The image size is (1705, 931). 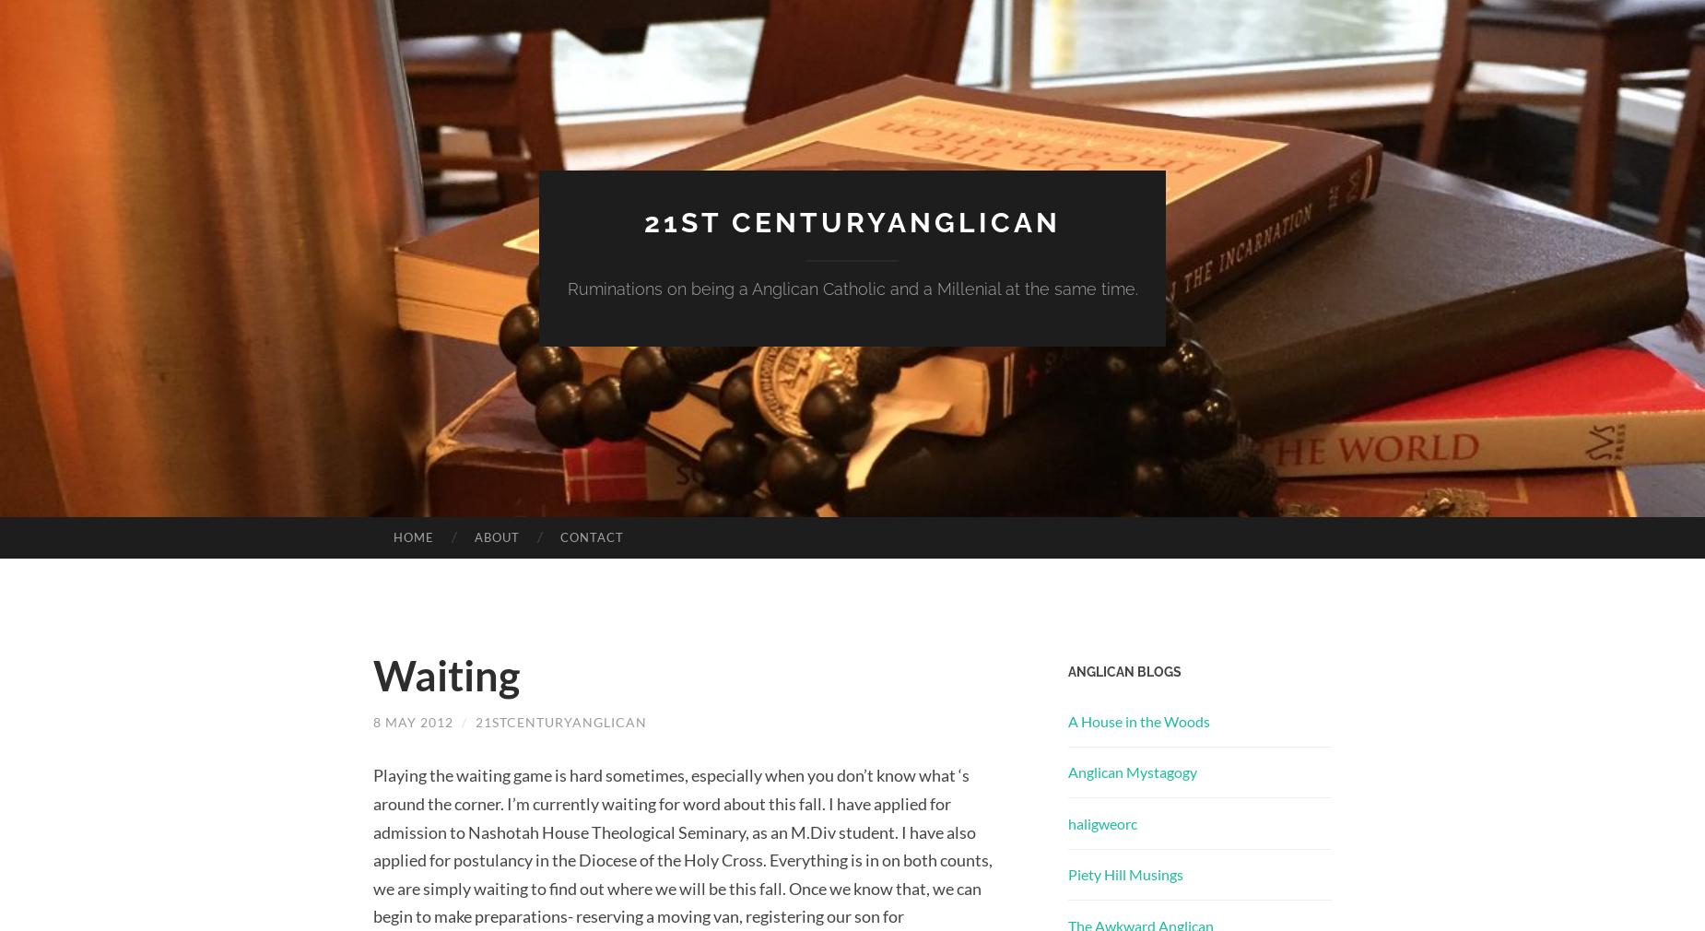 I want to click on '21st centuryanglican', so click(x=852, y=220).